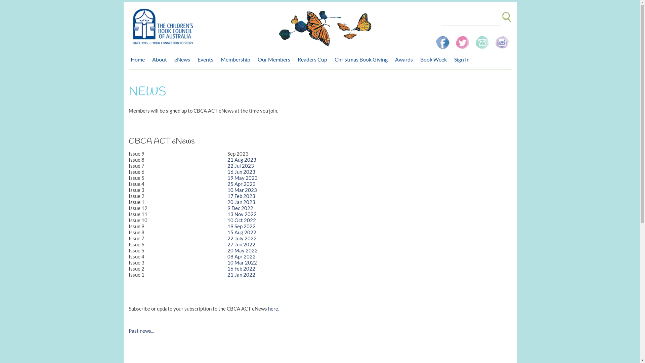  Describe the element at coordinates (242, 159) in the screenshot. I see `'21 Aug 2023'` at that location.